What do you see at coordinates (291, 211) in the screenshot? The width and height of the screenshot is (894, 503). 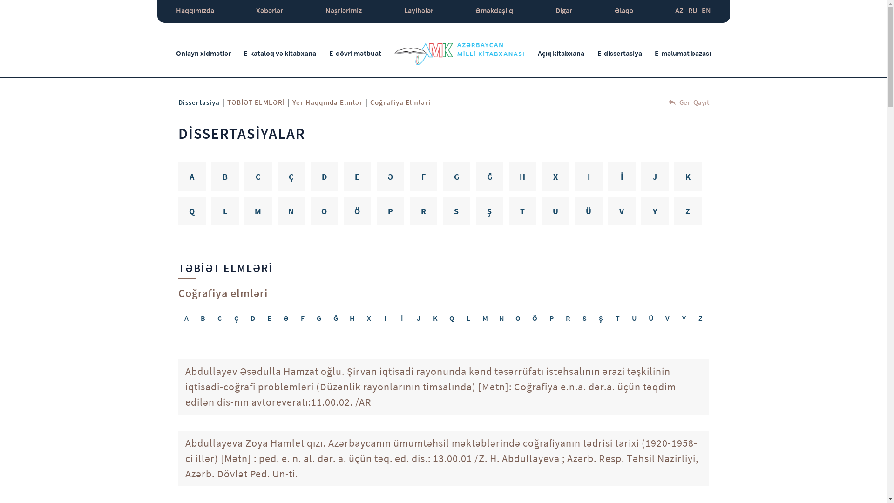 I see `'N'` at bounding box center [291, 211].